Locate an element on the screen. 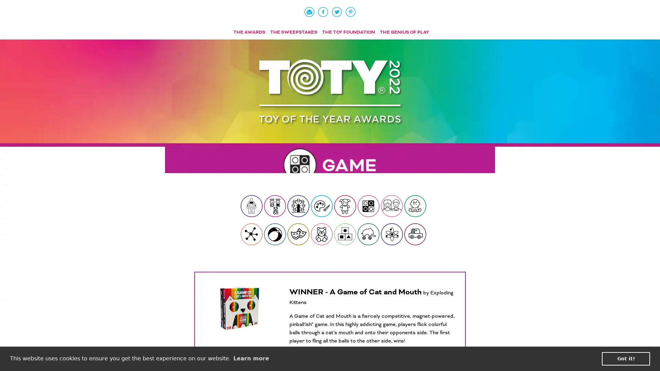 The width and height of the screenshot is (660, 371). Submit is located at coordinates (368, 234).